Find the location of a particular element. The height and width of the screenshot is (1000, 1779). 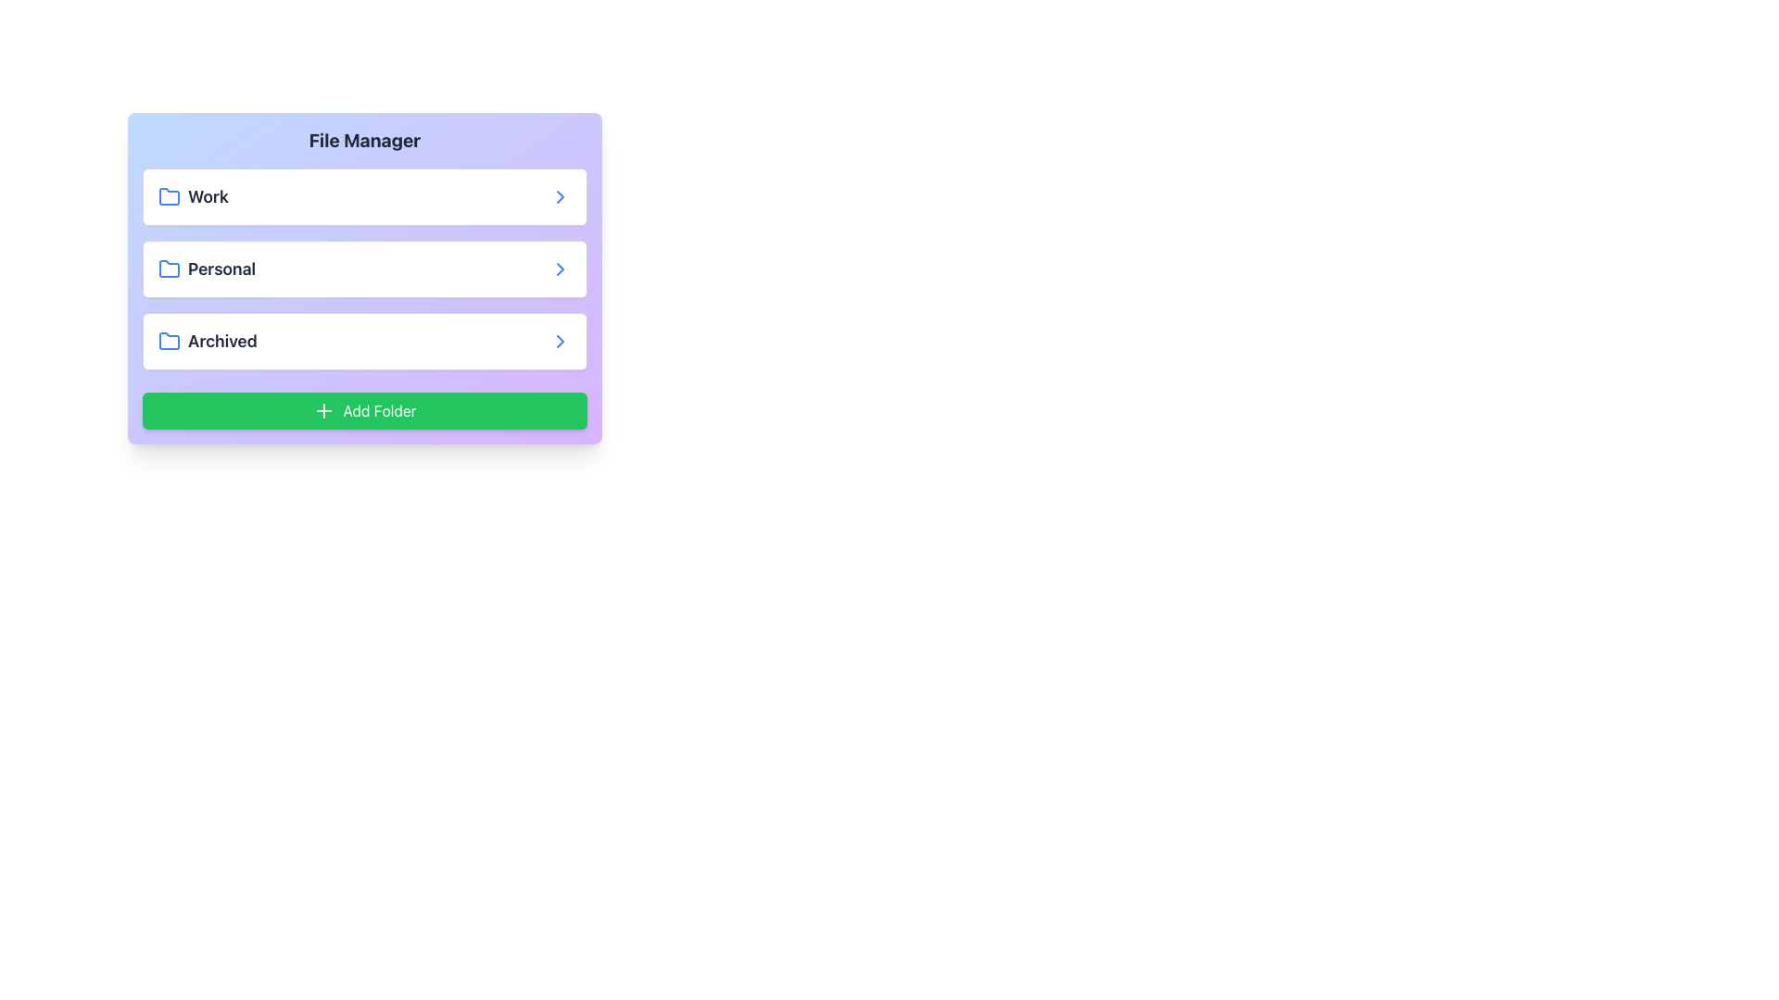

the navigation icon positioned to the right of the 'Personal' folder label is located at coordinates (559, 269).